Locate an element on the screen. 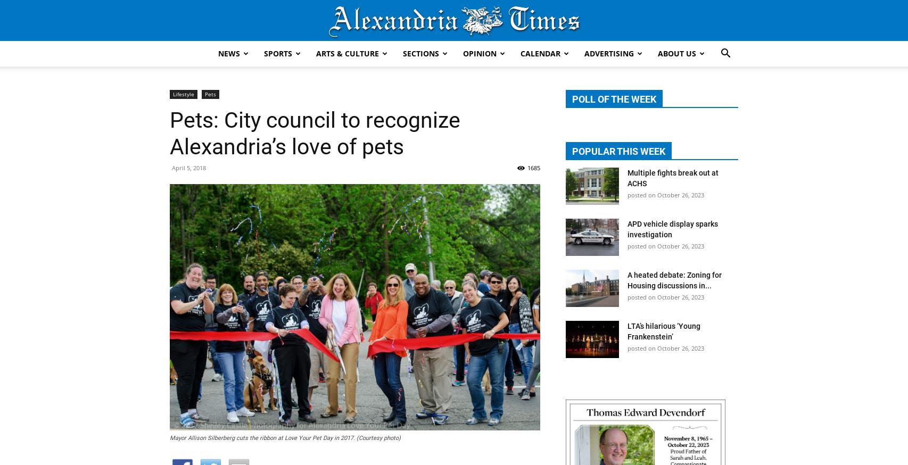  '1685' is located at coordinates (533, 167).